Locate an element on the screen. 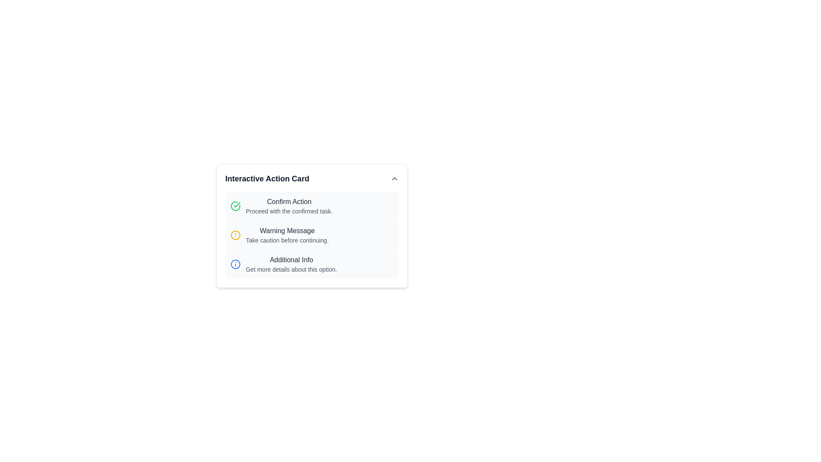  information displayed in the informational text block located at the bottom-most section of the vertically stacked list is located at coordinates (291, 264).